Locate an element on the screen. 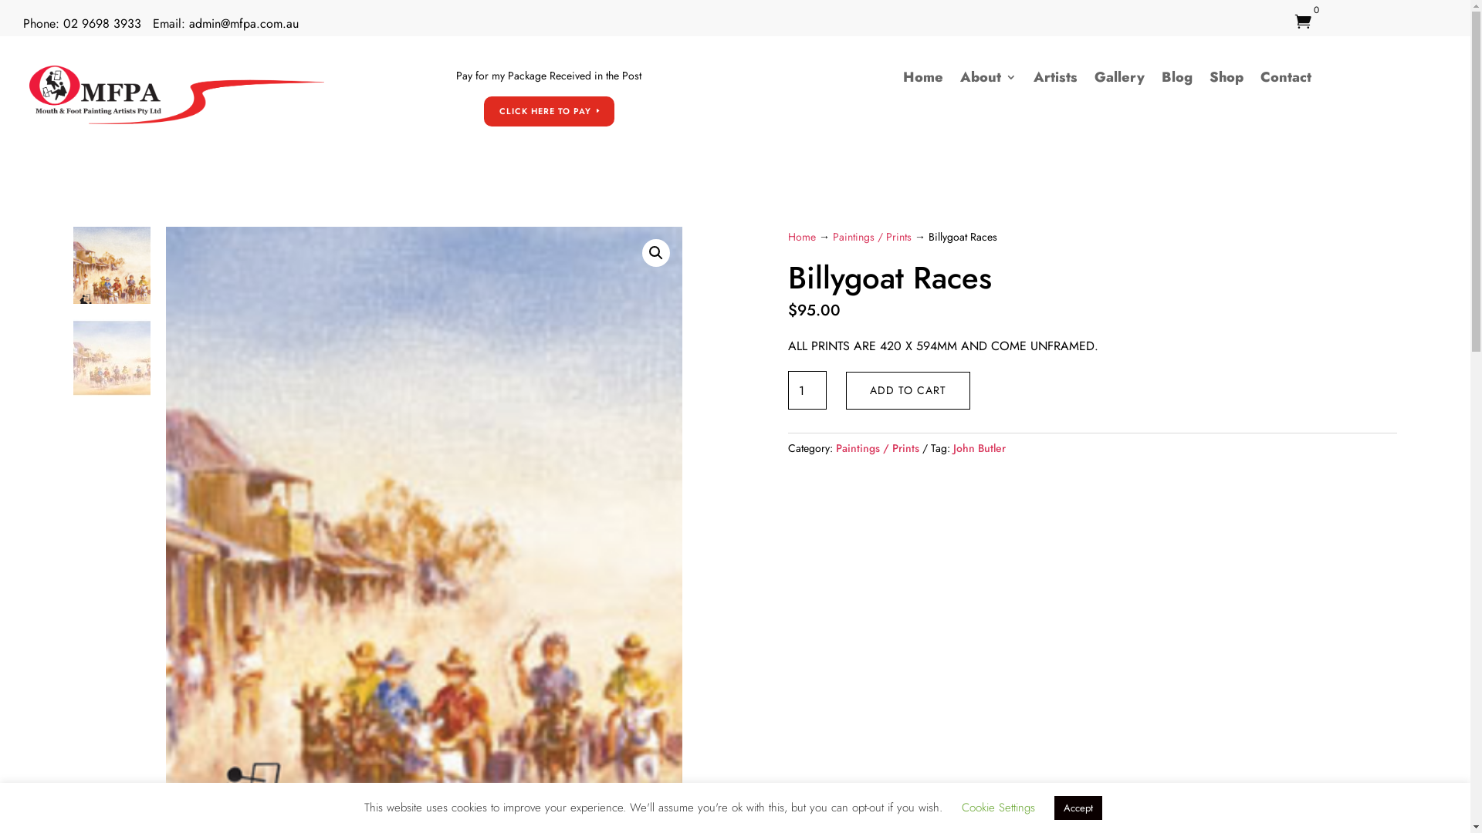 This screenshot has width=1482, height=833. 'ADD TO CART' is located at coordinates (908, 390).